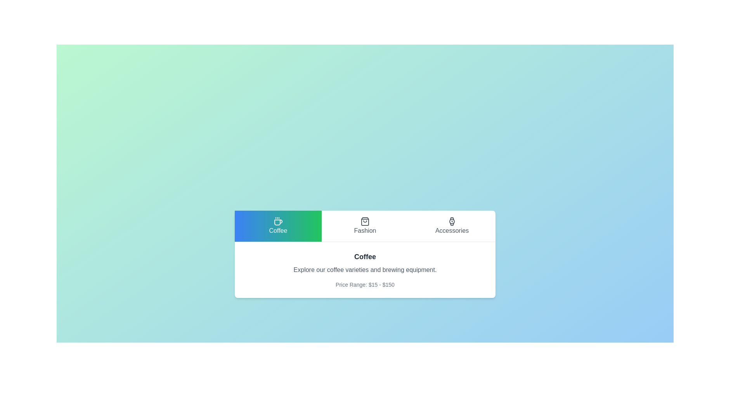 The height and width of the screenshot is (419, 745). I want to click on the Fashion tab, so click(364, 226).